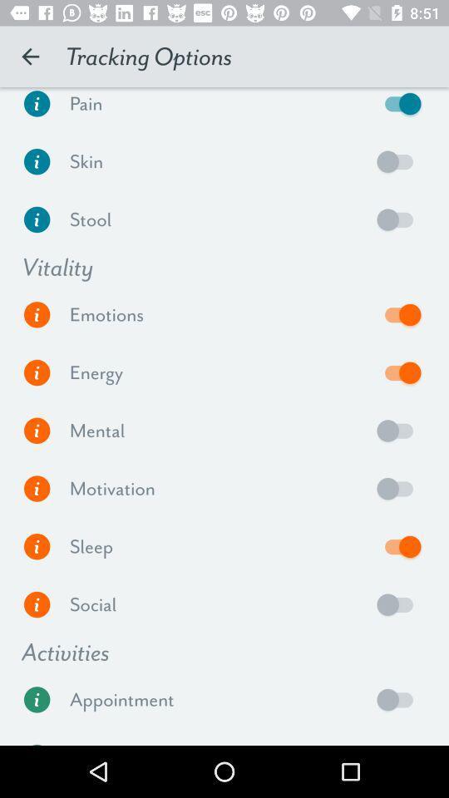 The width and height of the screenshot is (449, 798). I want to click on more informatioon under appointment, so click(37, 698).